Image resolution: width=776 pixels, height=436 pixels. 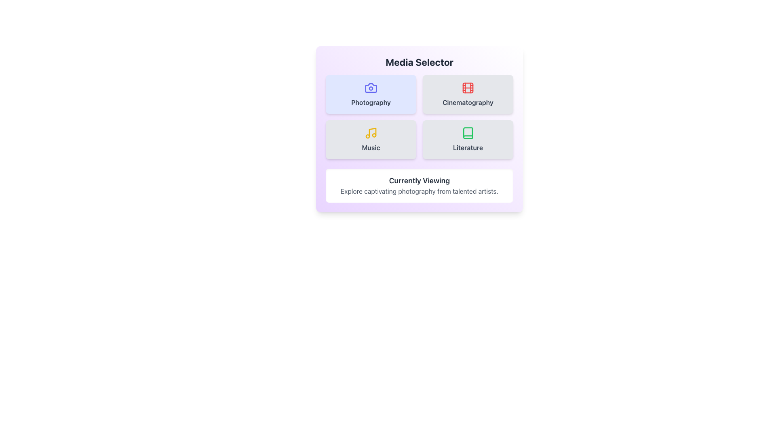 I want to click on camera icon outlined in bold indigo color within the 'Photography' card of the Media Selector component for detailed information, so click(x=370, y=88).